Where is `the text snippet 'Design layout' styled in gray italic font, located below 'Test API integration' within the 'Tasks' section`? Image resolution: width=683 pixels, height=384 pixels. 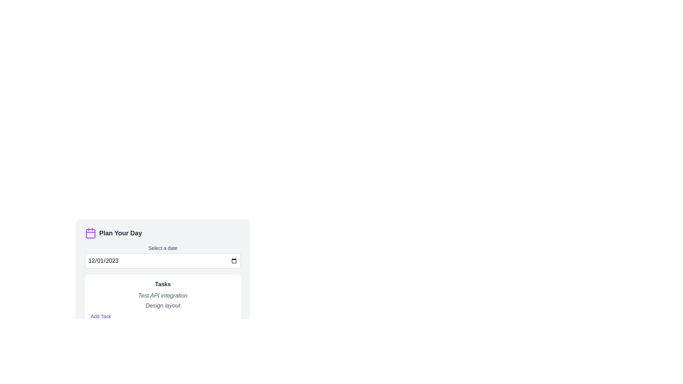
the text snippet 'Design layout' styled in gray italic font, located below 'Test API integration' within the 'Tasks' section is located at coordinates (162, 305).